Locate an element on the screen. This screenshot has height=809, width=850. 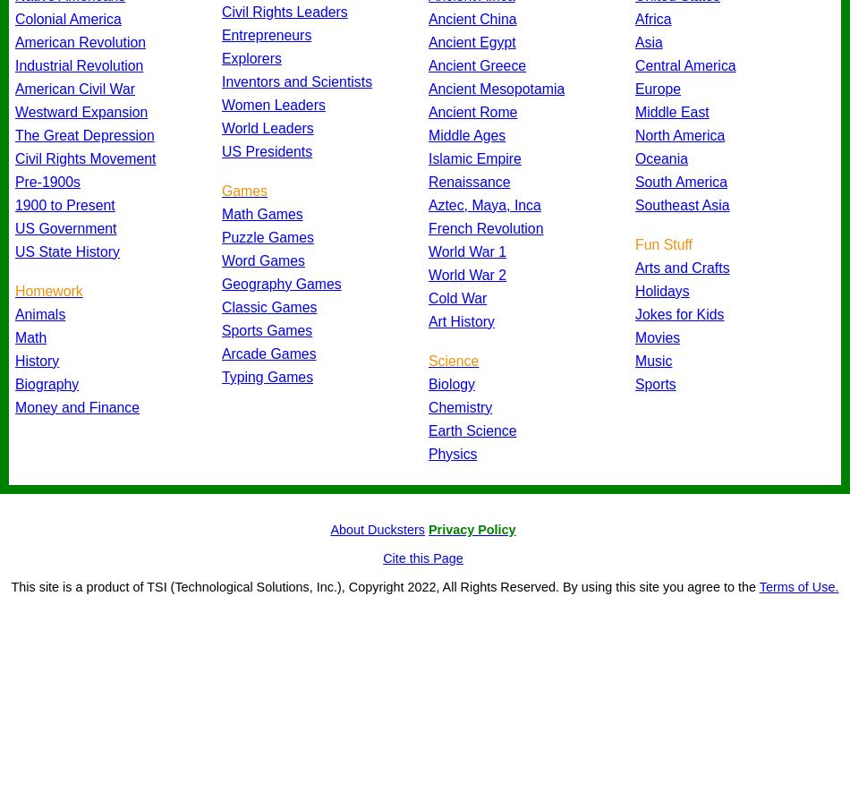
'Fun Stuff' is located at coordinates (662, 243).